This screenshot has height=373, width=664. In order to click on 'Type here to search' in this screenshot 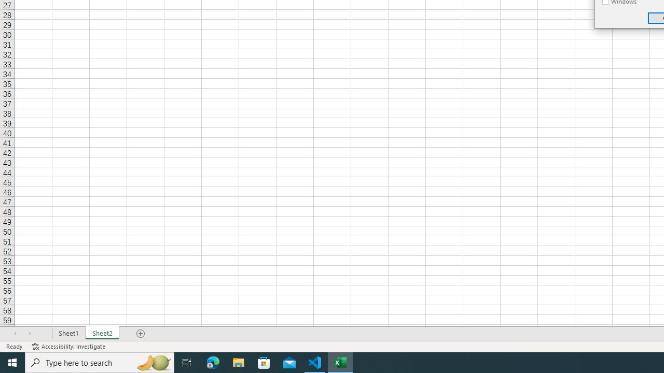, I will do `click(100, 362)`.